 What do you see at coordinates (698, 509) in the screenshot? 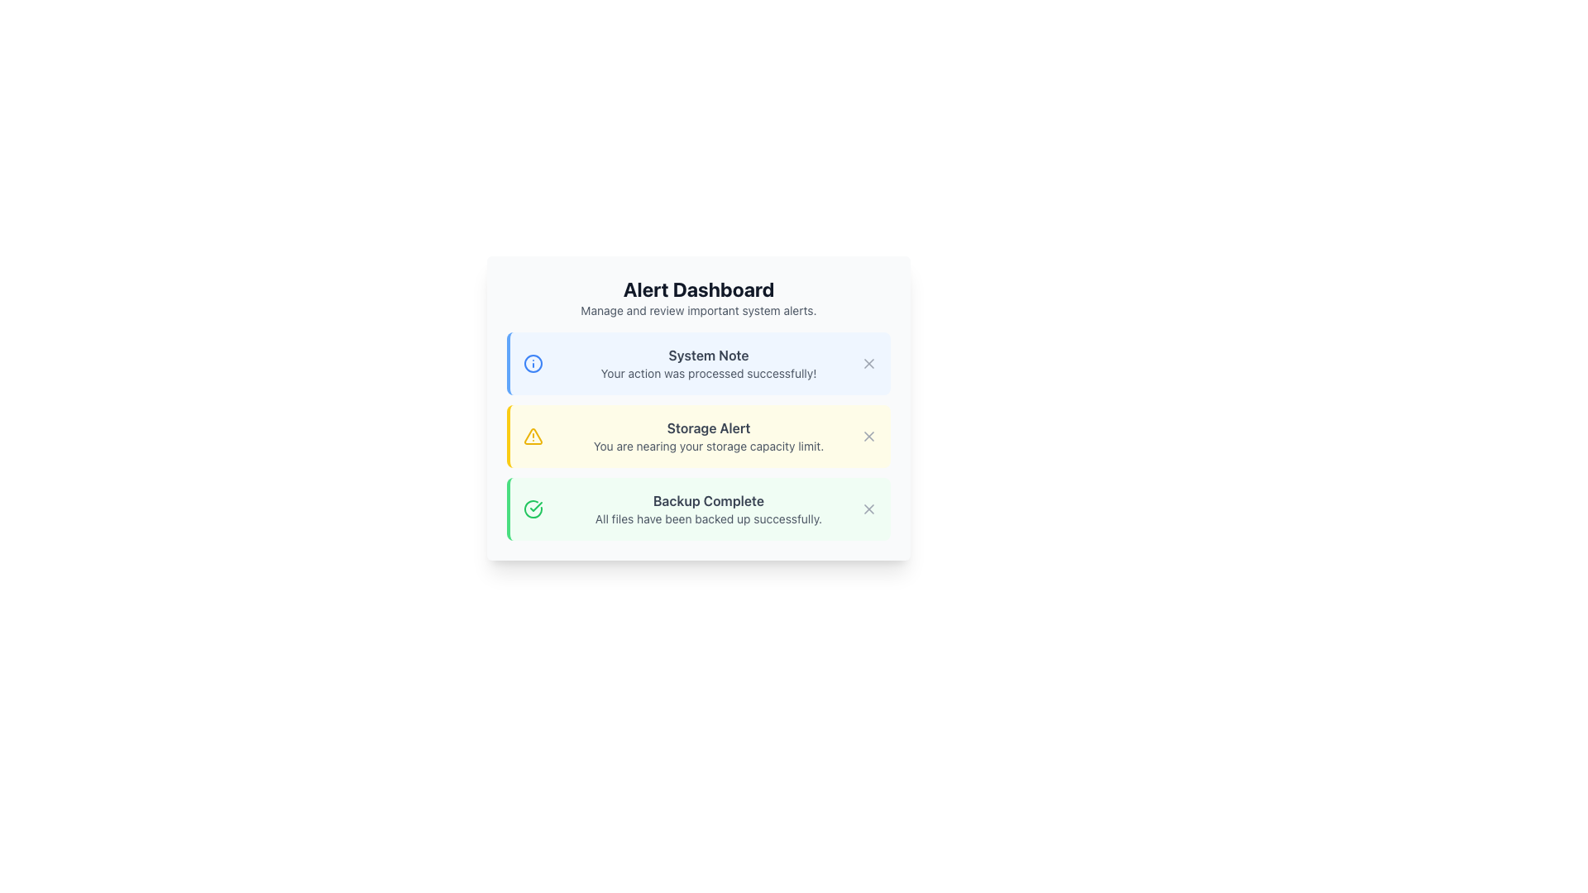
I see `the informational notification card indicating that a backup process has successfully completed, which is the third notification in the list` at bounding box center [698, 509].